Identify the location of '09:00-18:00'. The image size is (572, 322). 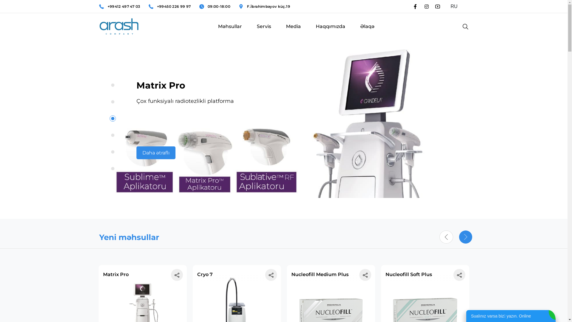
(218, 7).